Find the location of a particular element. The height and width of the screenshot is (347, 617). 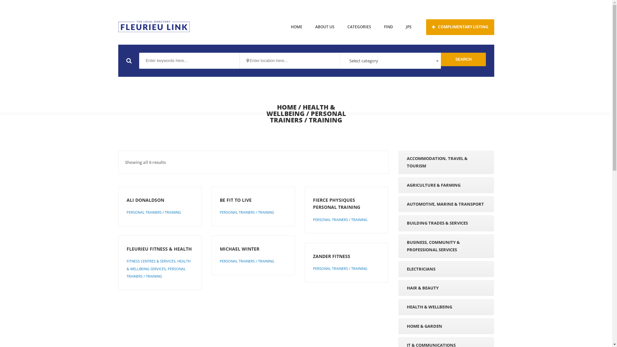

'FITNESS CENTRES & SERVICES' is located at coordinates (151, 261).